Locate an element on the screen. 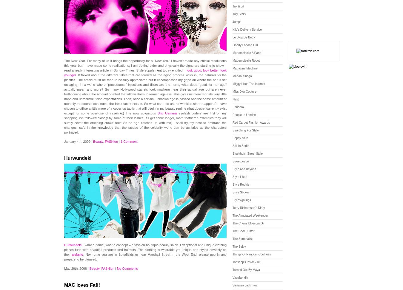 Image resolution: width=403 pixels, height=290 pixels. 'Red Carpet Fashion Awards' is located at coordinates (251, 122).